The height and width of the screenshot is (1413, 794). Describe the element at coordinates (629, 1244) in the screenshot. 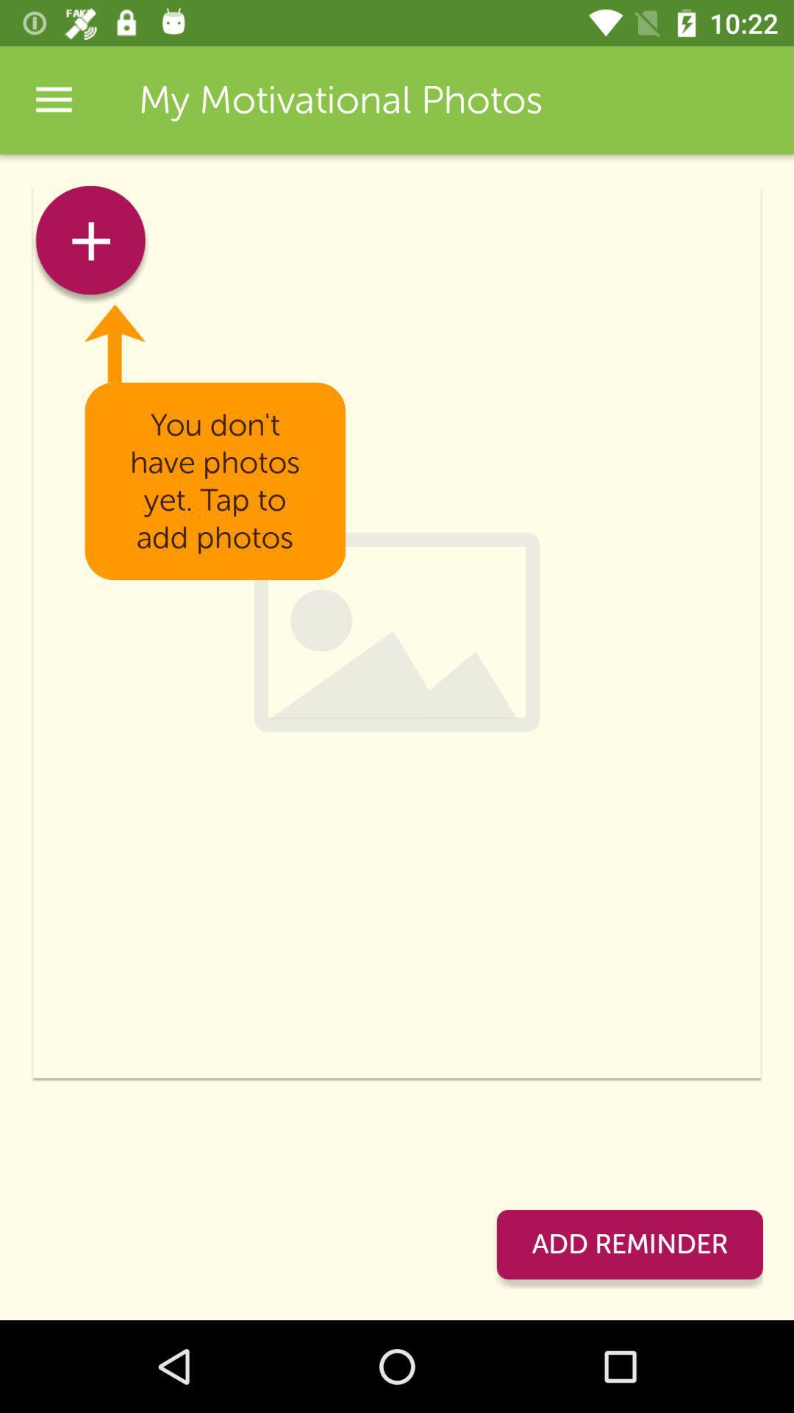

I see `item at the bottom right corner` at that location.